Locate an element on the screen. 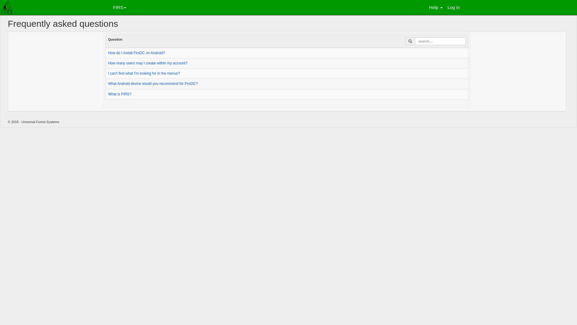  'I can't find what I'm looking for in the menus?' is located at coordinates (144, 73).